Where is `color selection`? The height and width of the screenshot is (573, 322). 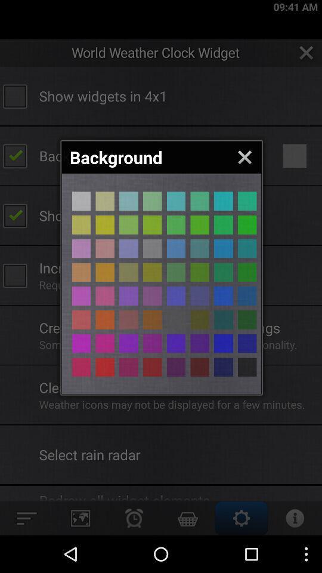
color selection is located at coordinates (246, 224).